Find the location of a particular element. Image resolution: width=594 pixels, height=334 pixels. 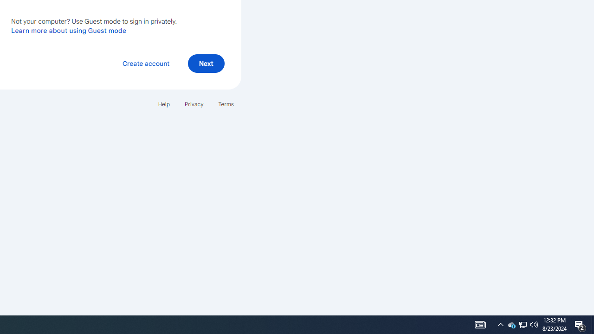

'Create account' is located at coordinates (145, 63).